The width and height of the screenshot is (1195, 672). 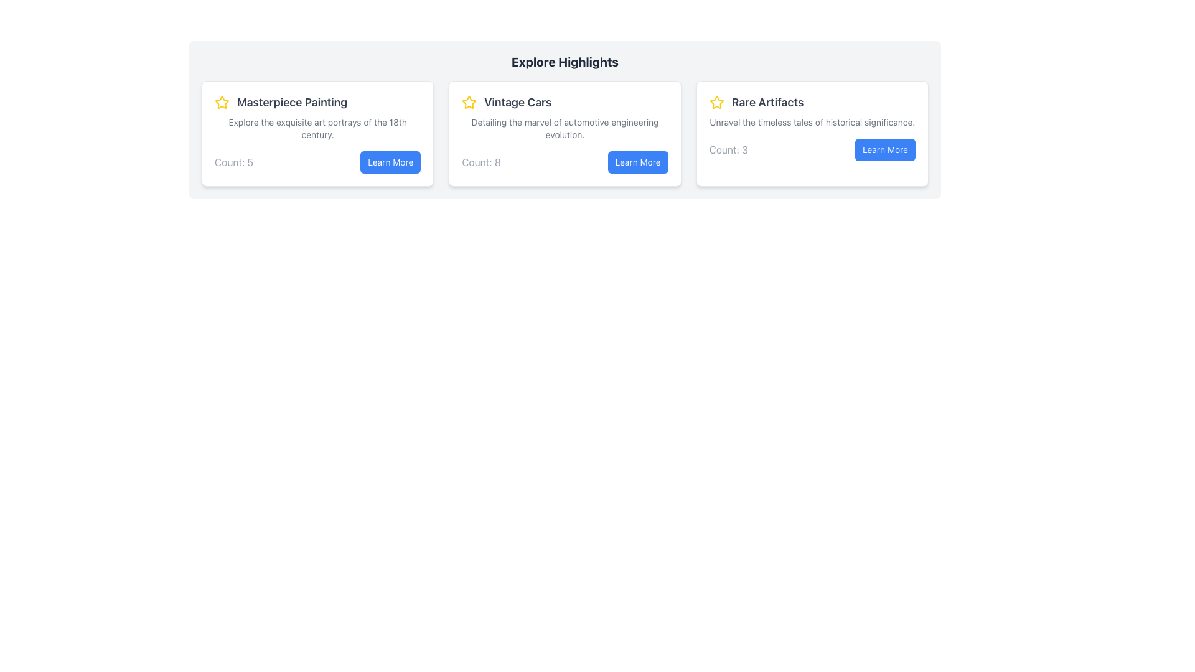 What do you see at coordinates (390, 162) in the screenshot?
I see `the 'Learn More' button, which is a vivid blue rectangular button with rounded corners, located at the bottom-right corner of the 'Masterpiece Painting' card` at bounding box center [390, 162].